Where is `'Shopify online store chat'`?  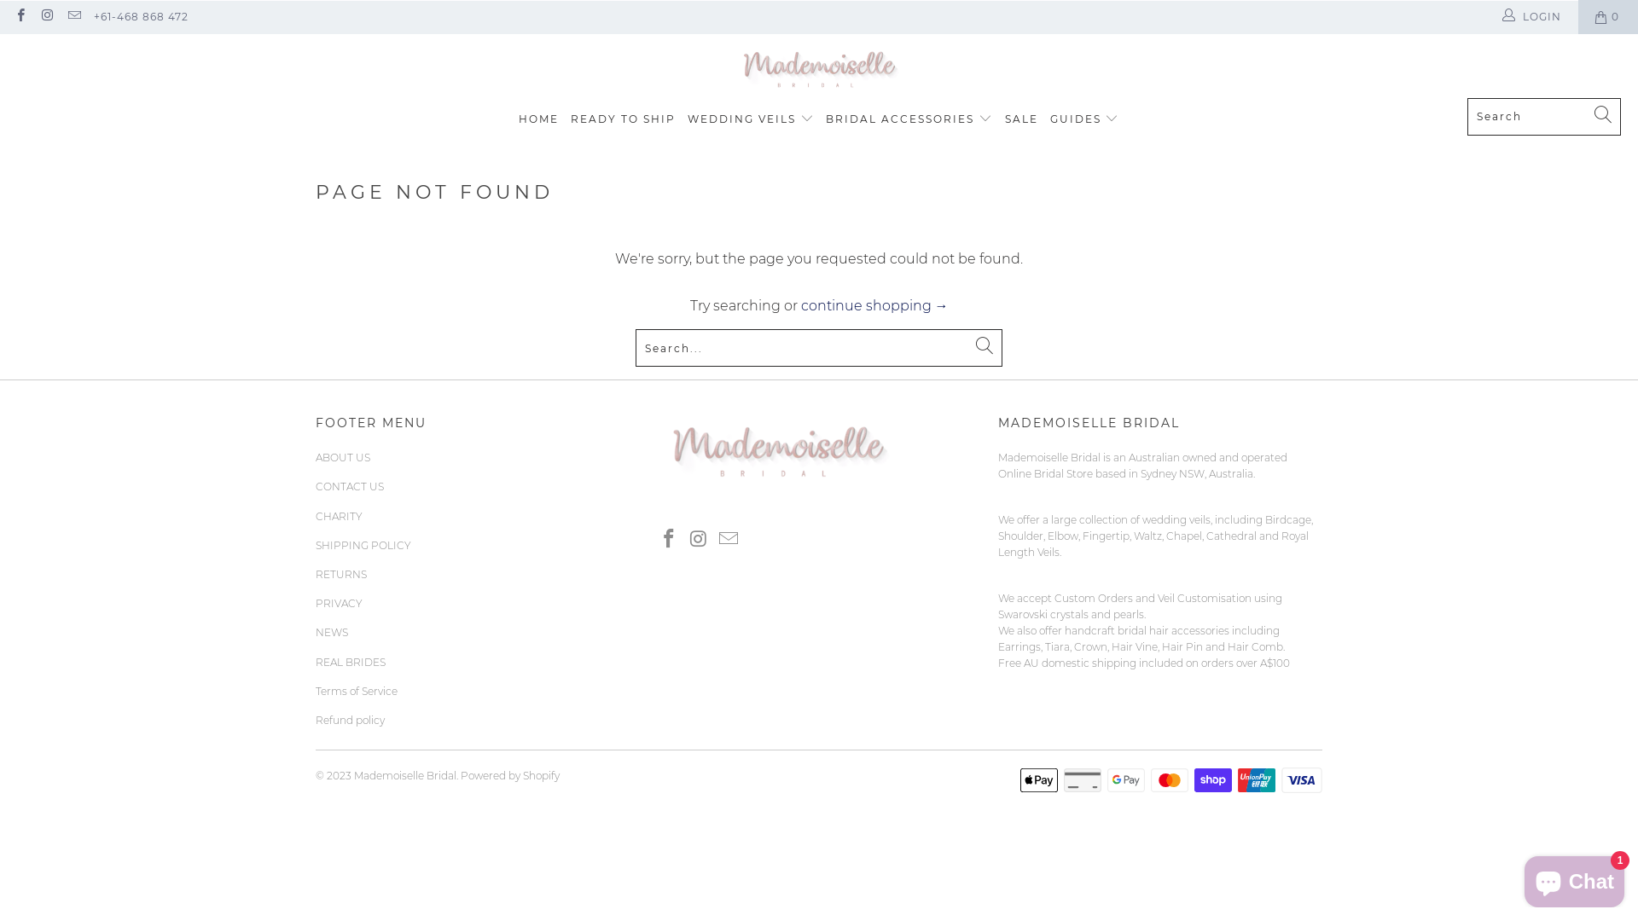 'Shopify online store chat' is located at coordinates (1573, 878).